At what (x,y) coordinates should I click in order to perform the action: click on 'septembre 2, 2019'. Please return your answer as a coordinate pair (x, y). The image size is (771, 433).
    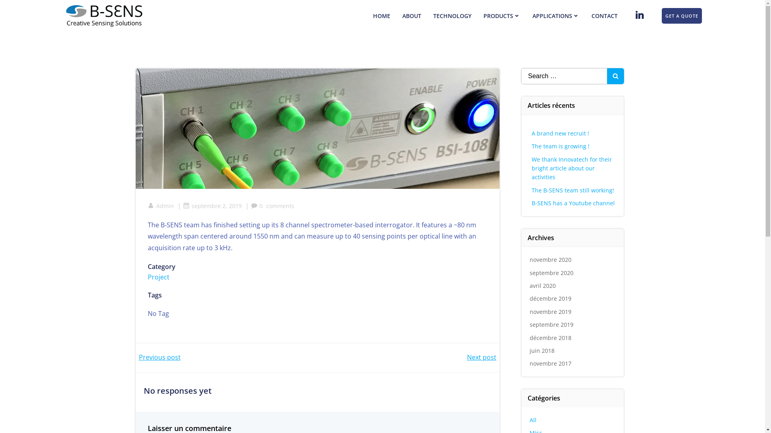
    Looking at the image, I should click on (183, 205).